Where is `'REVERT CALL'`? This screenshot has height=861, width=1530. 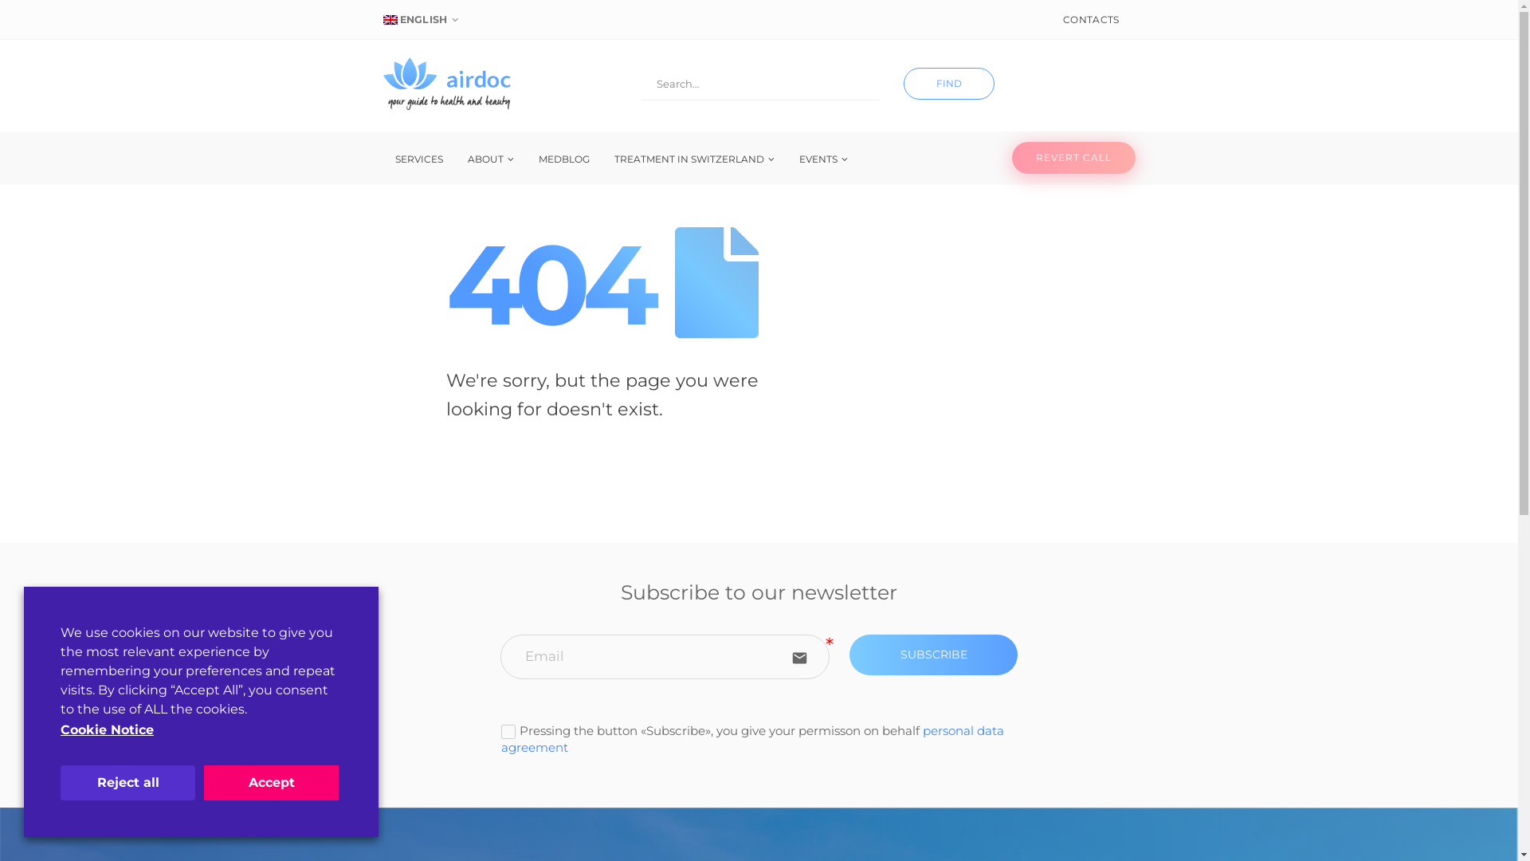 'REVERT CALL' is located at coordinates (1073, 157).